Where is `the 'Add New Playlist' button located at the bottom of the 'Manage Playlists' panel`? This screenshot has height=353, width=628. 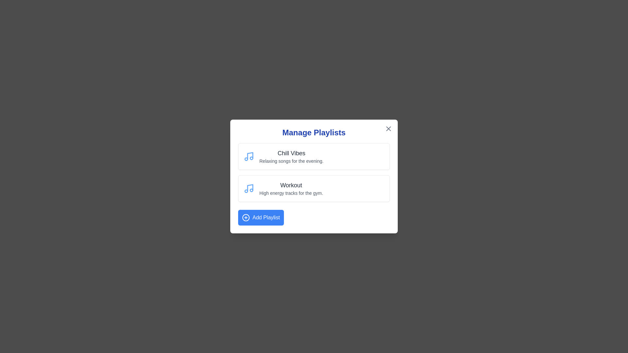 the 'Add New Playlist' button located at the bottom of the 'Manage Playlists' panel is located at coordinates (260, 218).